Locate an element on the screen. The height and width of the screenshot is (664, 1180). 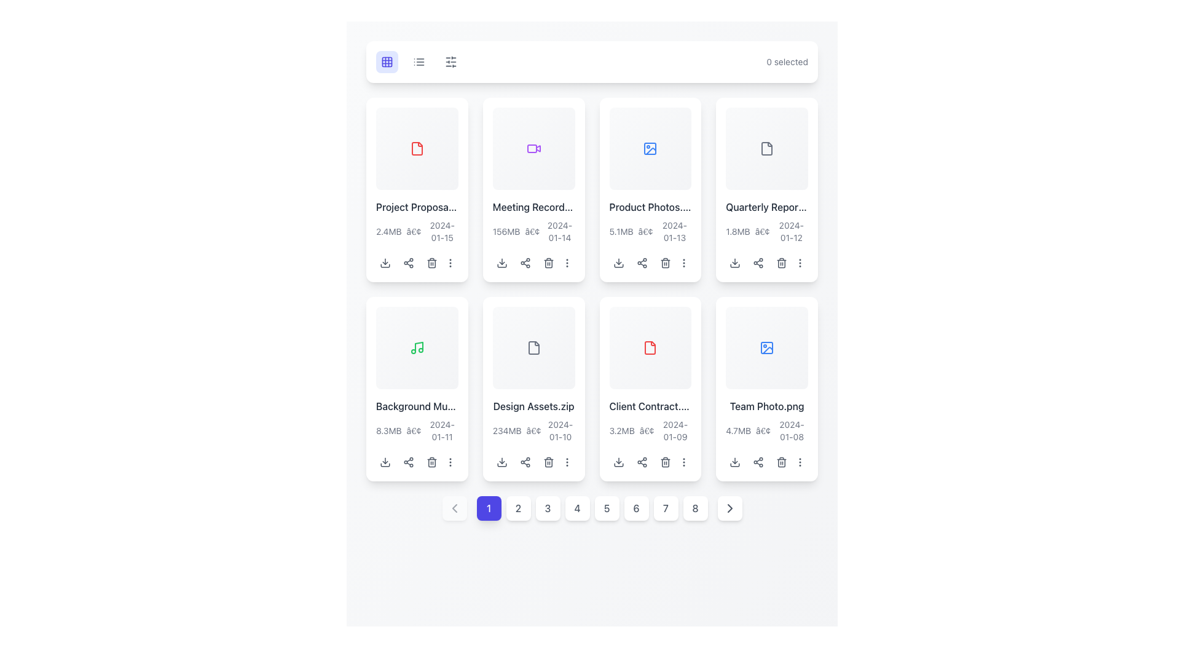
the grid layout toggle button located in the top-left corner of the interface is located at coordinates (386, 61).